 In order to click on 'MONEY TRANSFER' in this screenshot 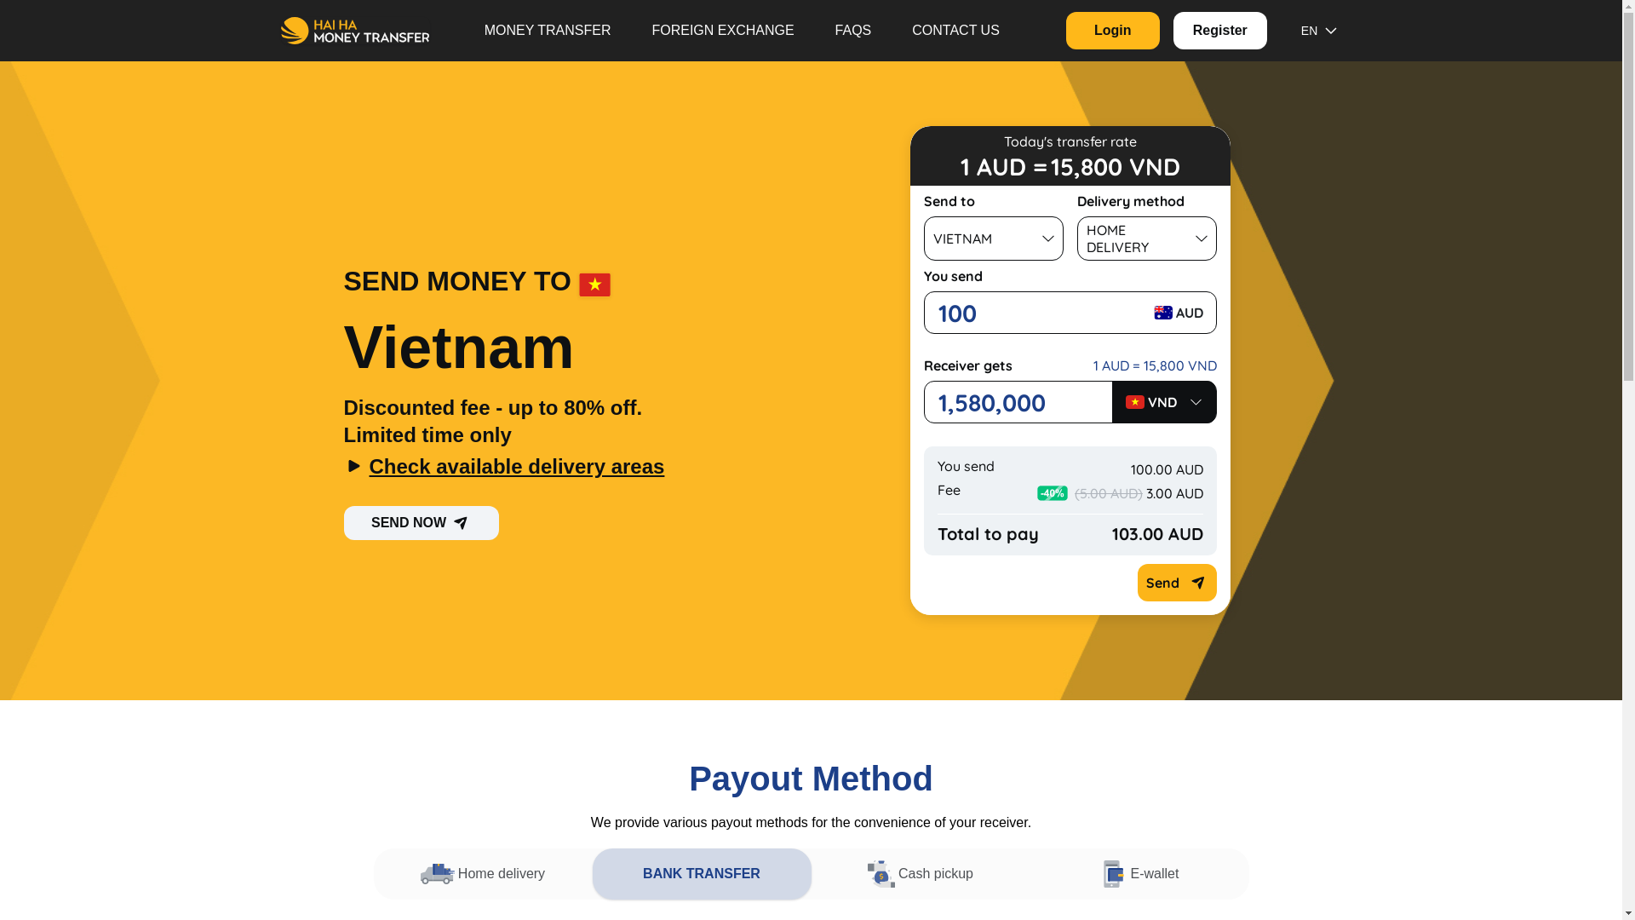, I will do `click(548, 30)`.